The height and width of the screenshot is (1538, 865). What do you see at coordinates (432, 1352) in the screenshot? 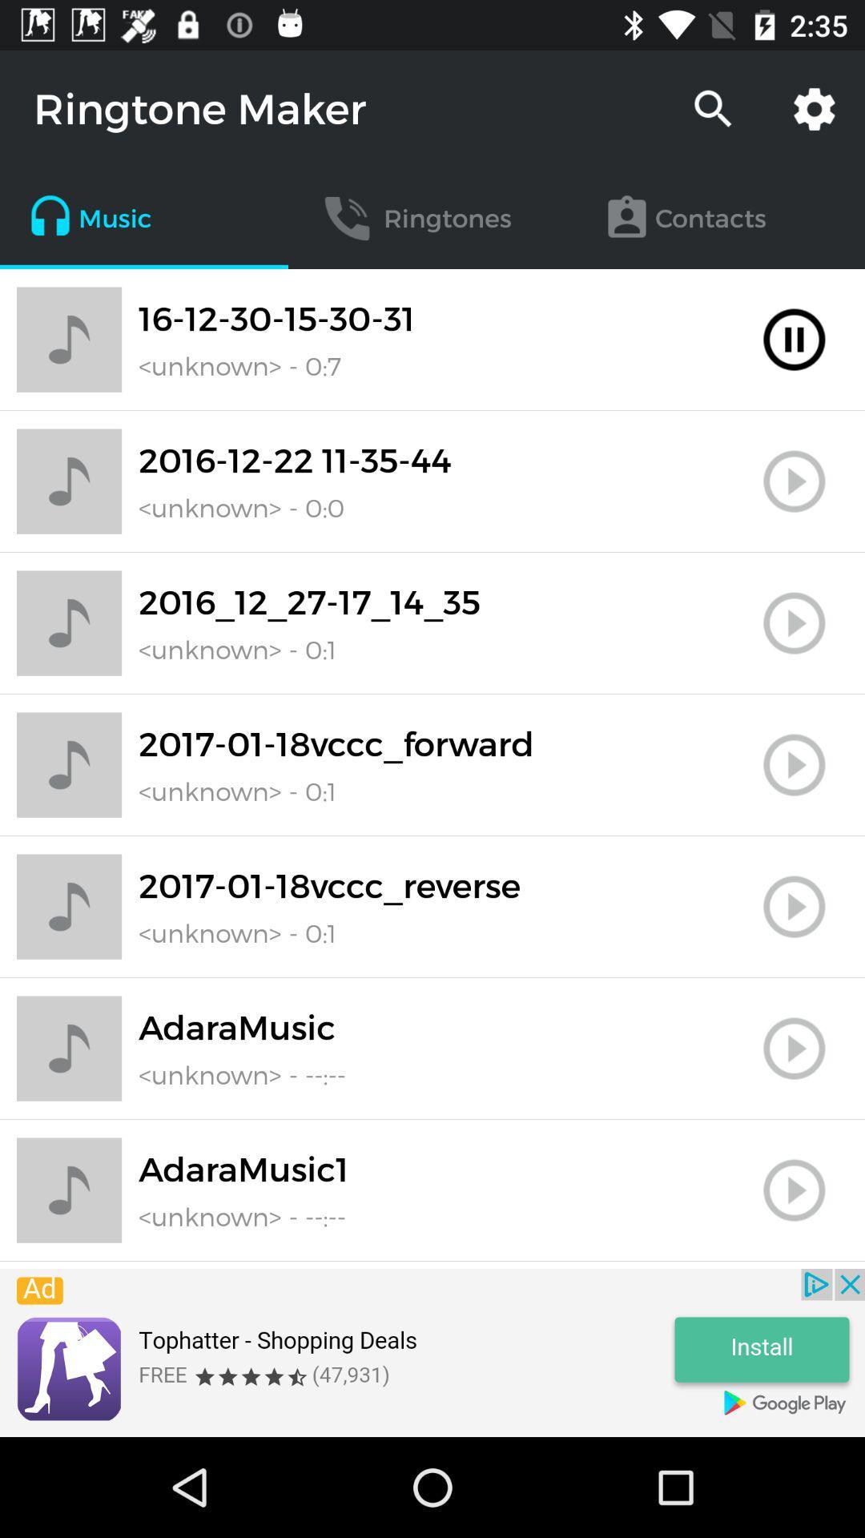
I see `open tophatter advertisement` at bounding box center [432, 1352].